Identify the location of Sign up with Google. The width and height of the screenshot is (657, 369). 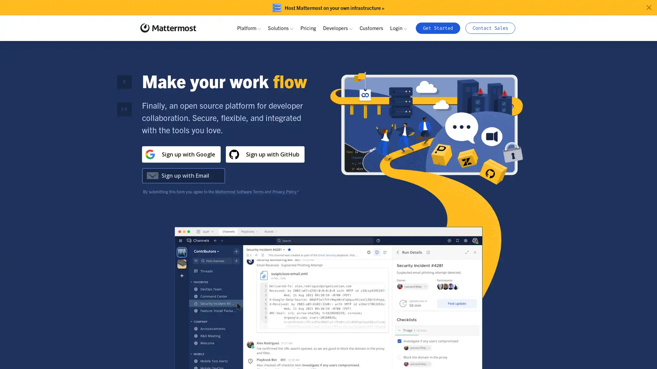
(181, 154).